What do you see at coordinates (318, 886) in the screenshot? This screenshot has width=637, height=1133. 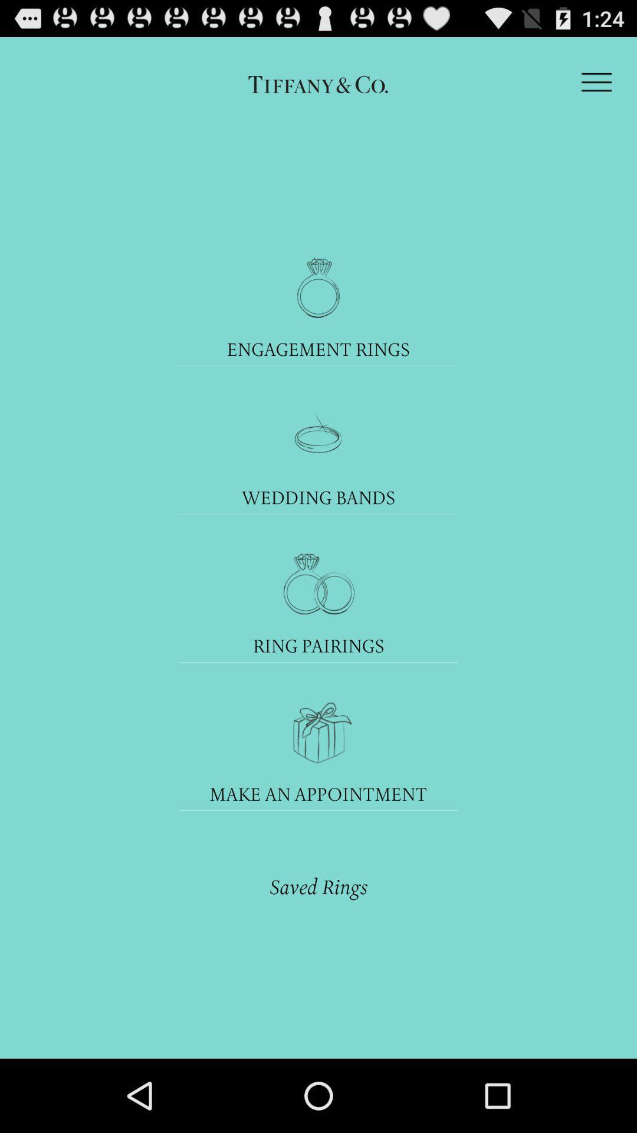 I see `the saved rings item` at bounding box center [318, 886].